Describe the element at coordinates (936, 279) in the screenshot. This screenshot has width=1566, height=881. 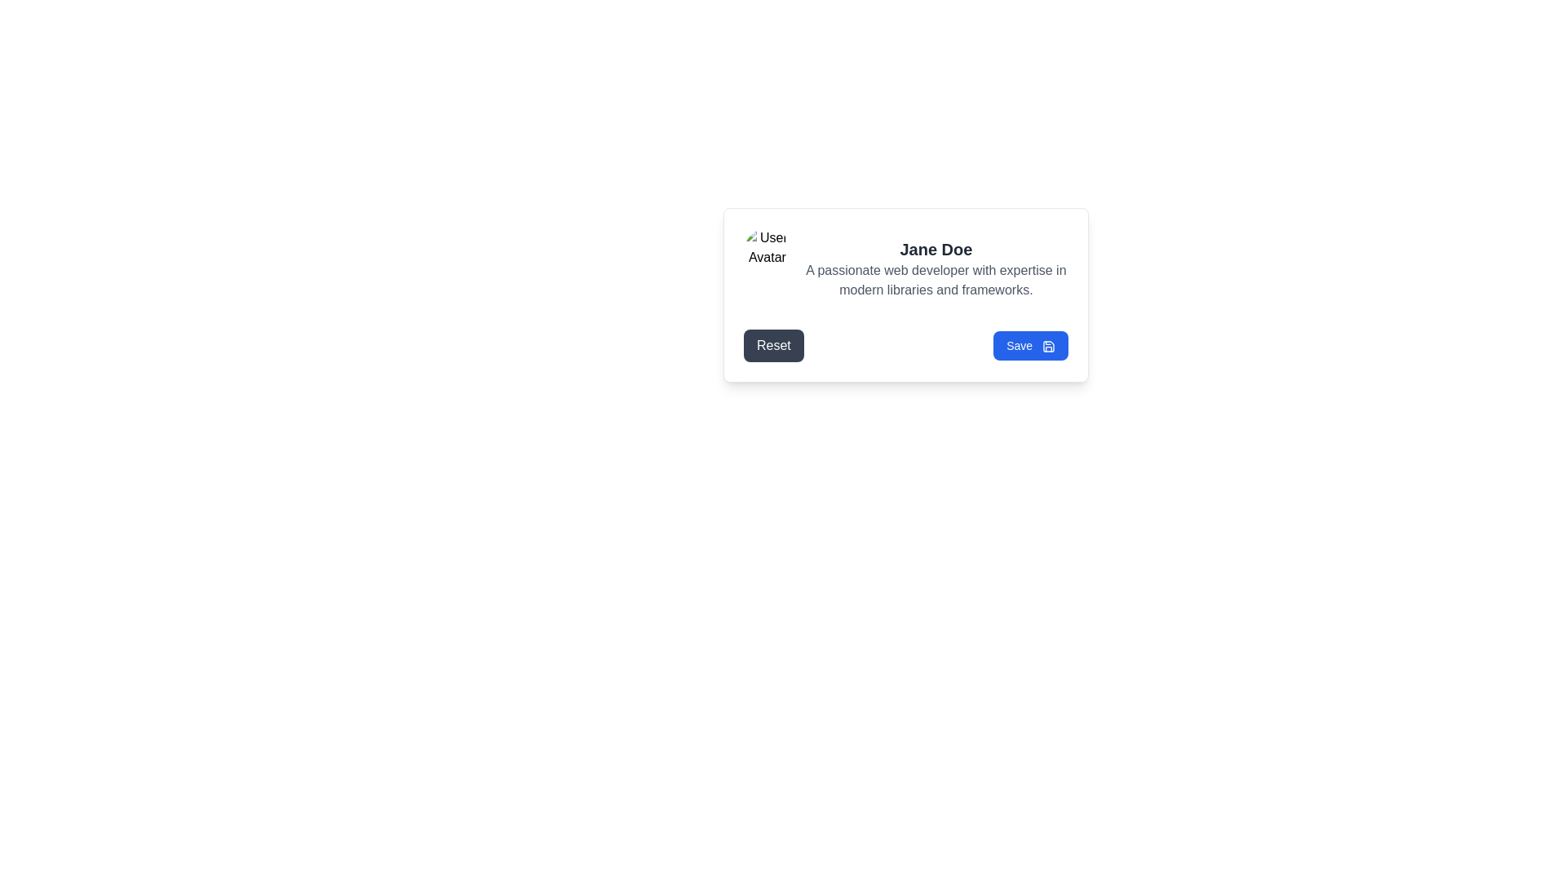
I see `the text display element that provides additional professional details about the user 'Jane Doe', located directly below the name in the user profile card` at that location.